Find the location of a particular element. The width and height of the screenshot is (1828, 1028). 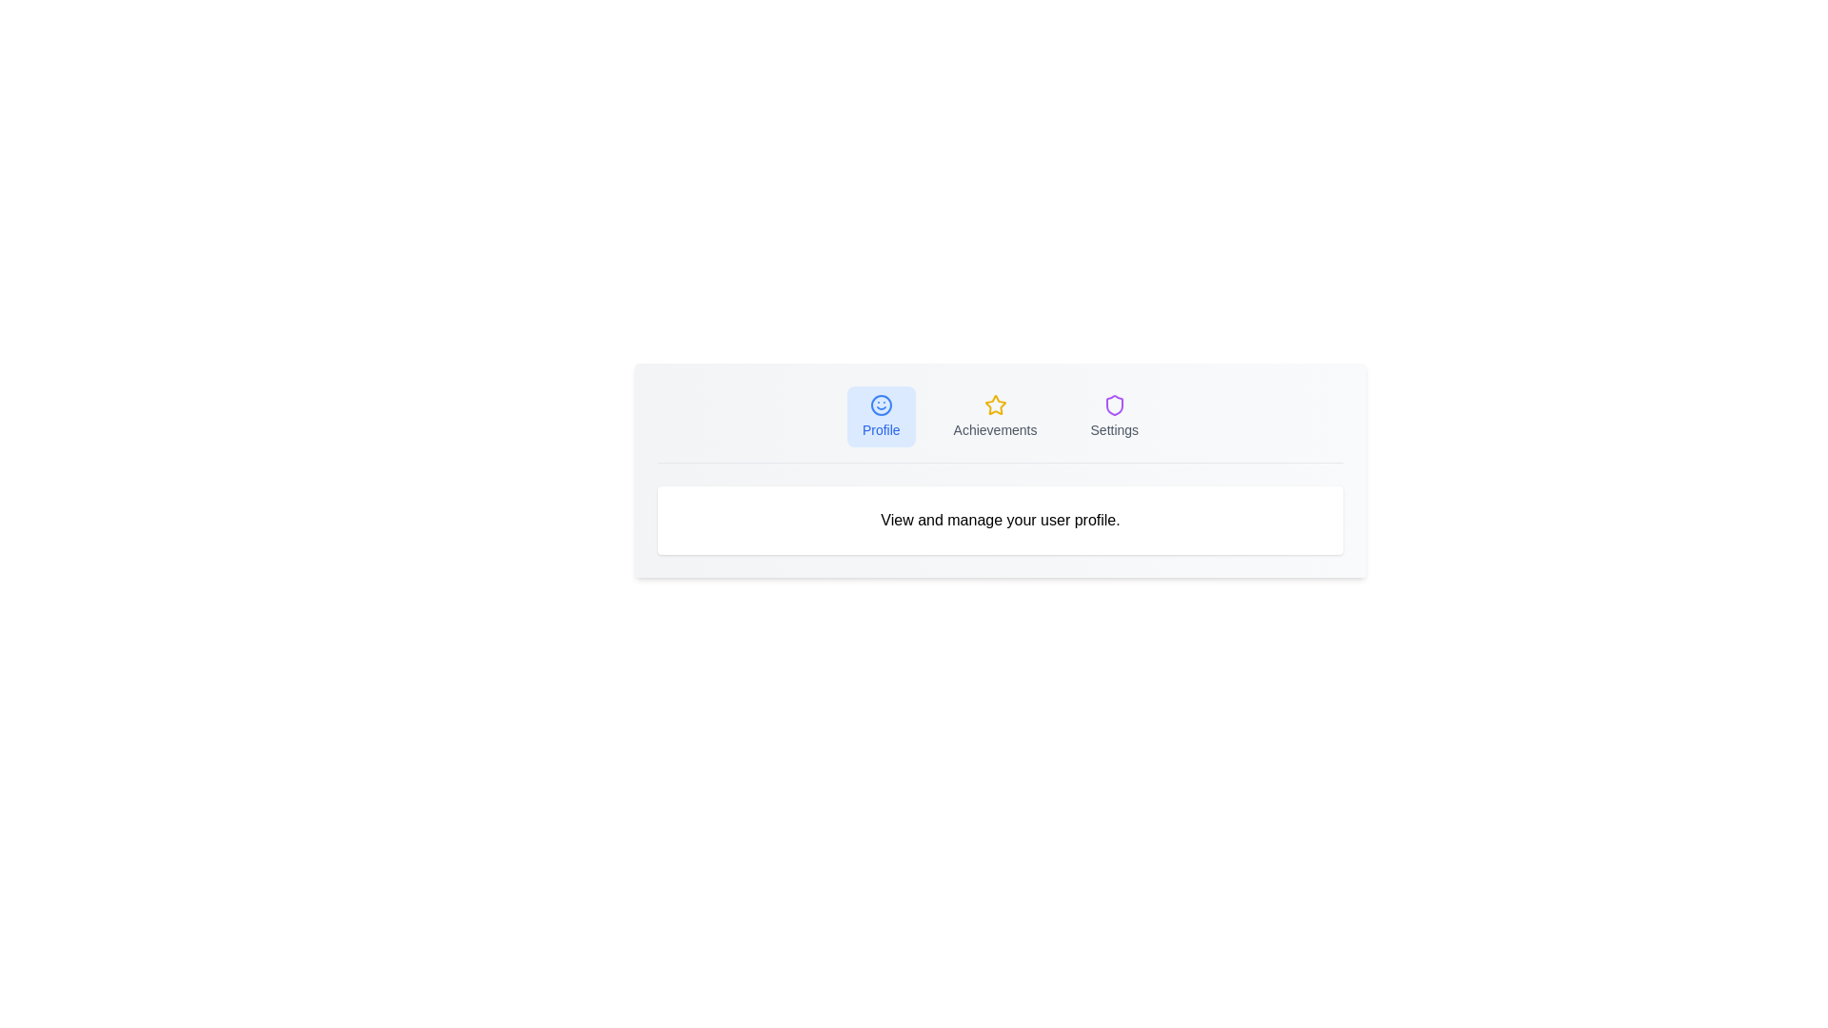

the Settings tab to trigger its hover effect is located at coordinates (1114, 416).